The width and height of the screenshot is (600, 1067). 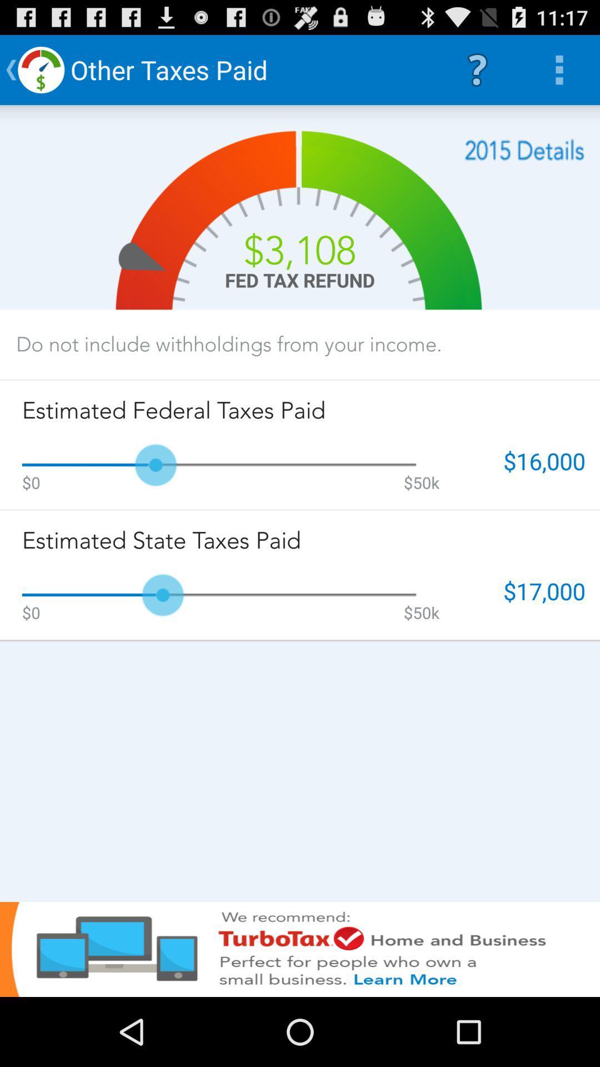 What do you see at coordinates (477, 69) in the screenshot?
I see `the item next to the other taxes paid` at bounding box center [477, 69].